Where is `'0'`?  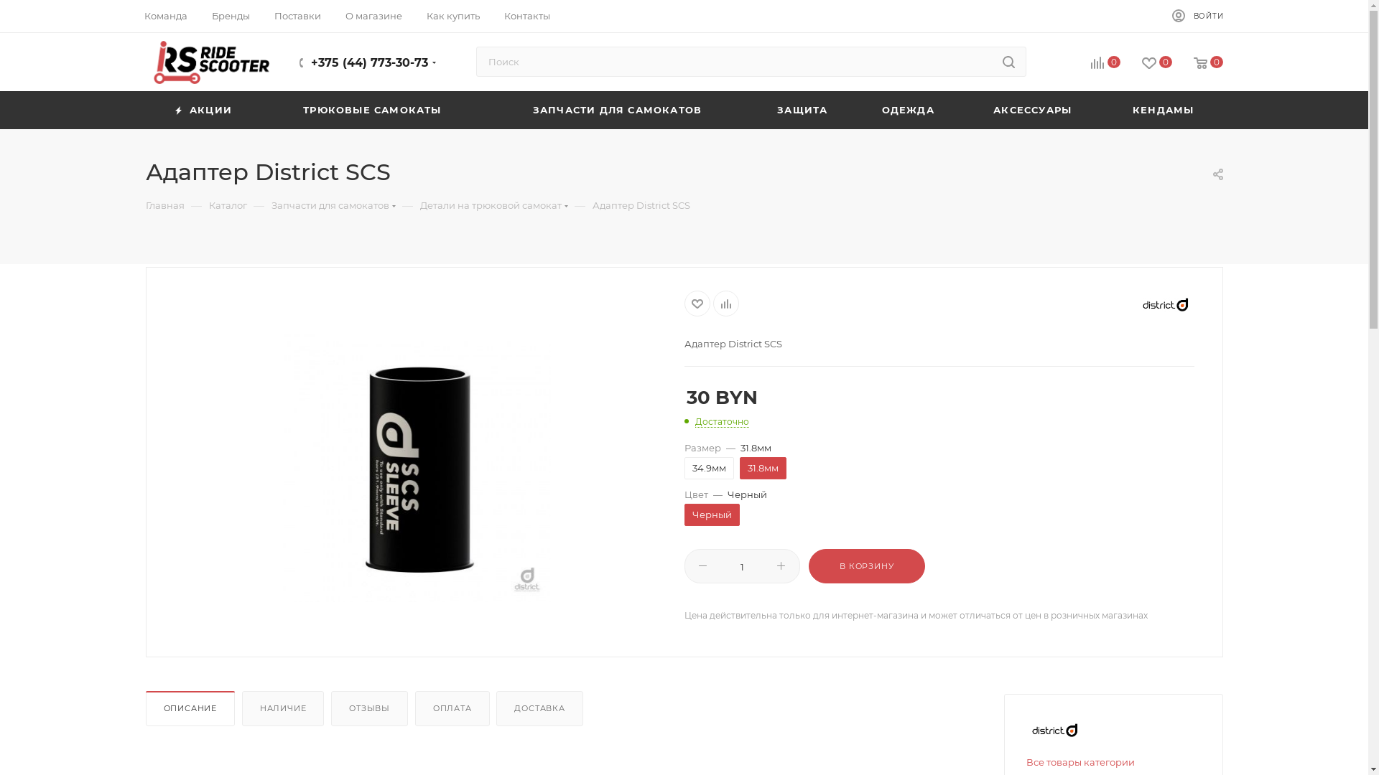
'0' is located at coordinates (1093, 62).